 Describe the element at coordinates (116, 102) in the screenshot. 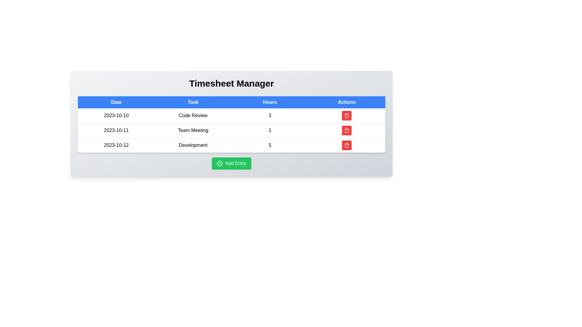

I see `the text label with a blue background reading 'Date', which is the first header in the table's header section` at that location.